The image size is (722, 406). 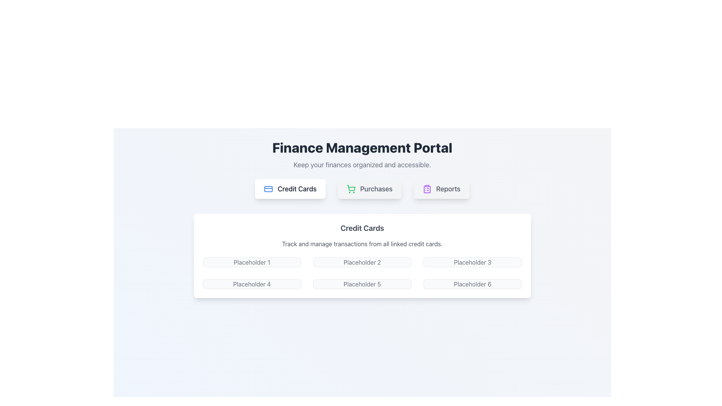 I want to click on the Text placeholder located in the bottom right corner of the 'Credit Cards' section, which is the sixth item in a 2-row, 3-column grid layout, so click(x=472, y=284).